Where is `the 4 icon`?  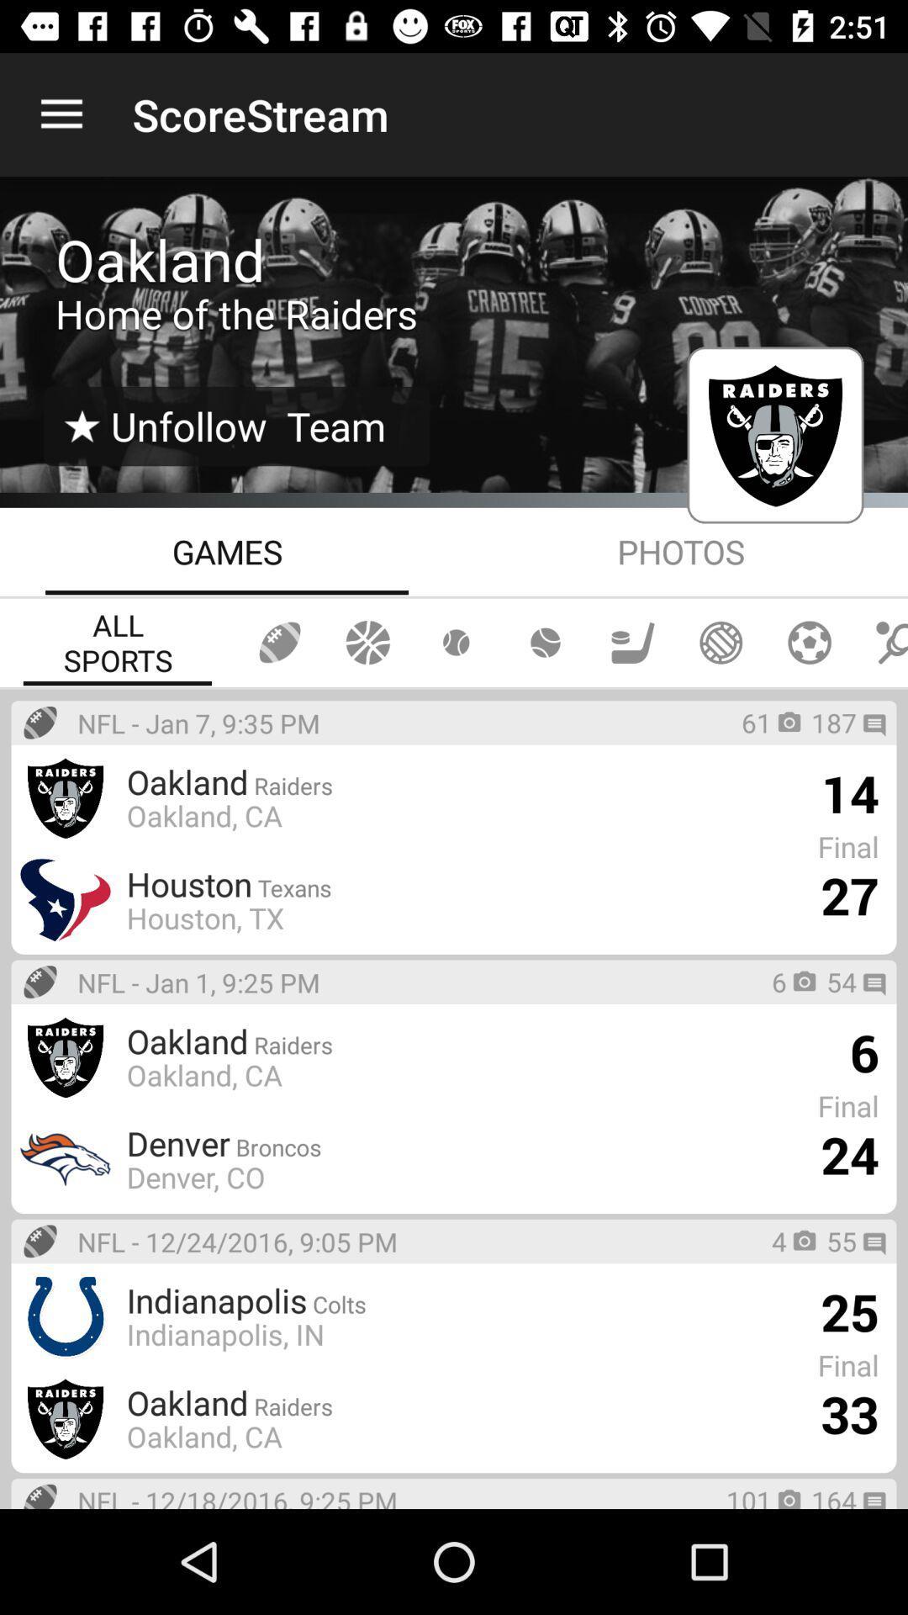
the 4 icon is located at coordinates (779, 1241).